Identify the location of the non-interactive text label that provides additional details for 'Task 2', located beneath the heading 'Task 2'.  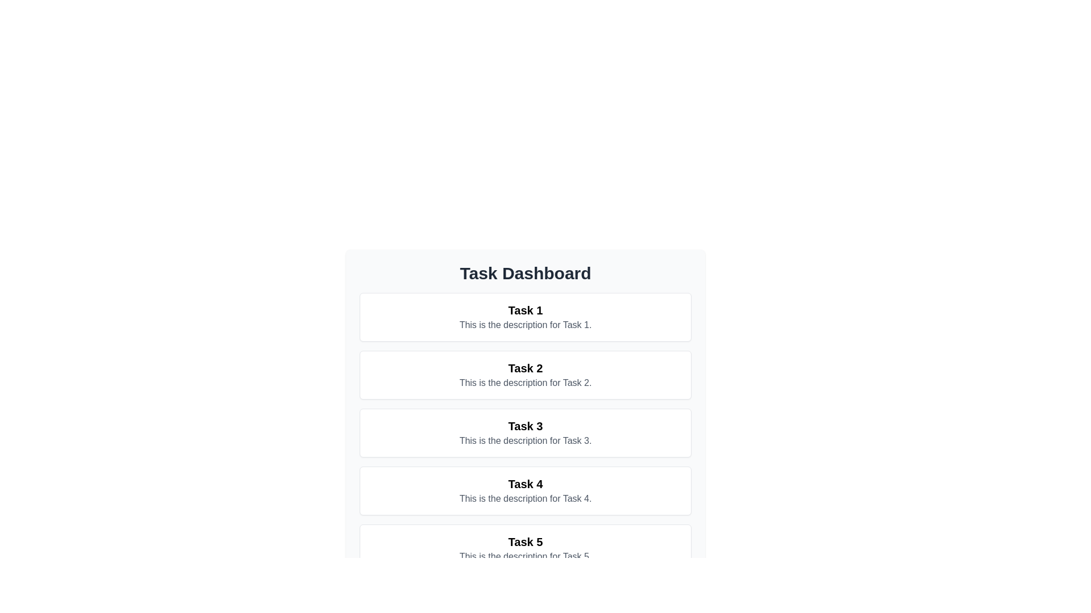
(525, 383).